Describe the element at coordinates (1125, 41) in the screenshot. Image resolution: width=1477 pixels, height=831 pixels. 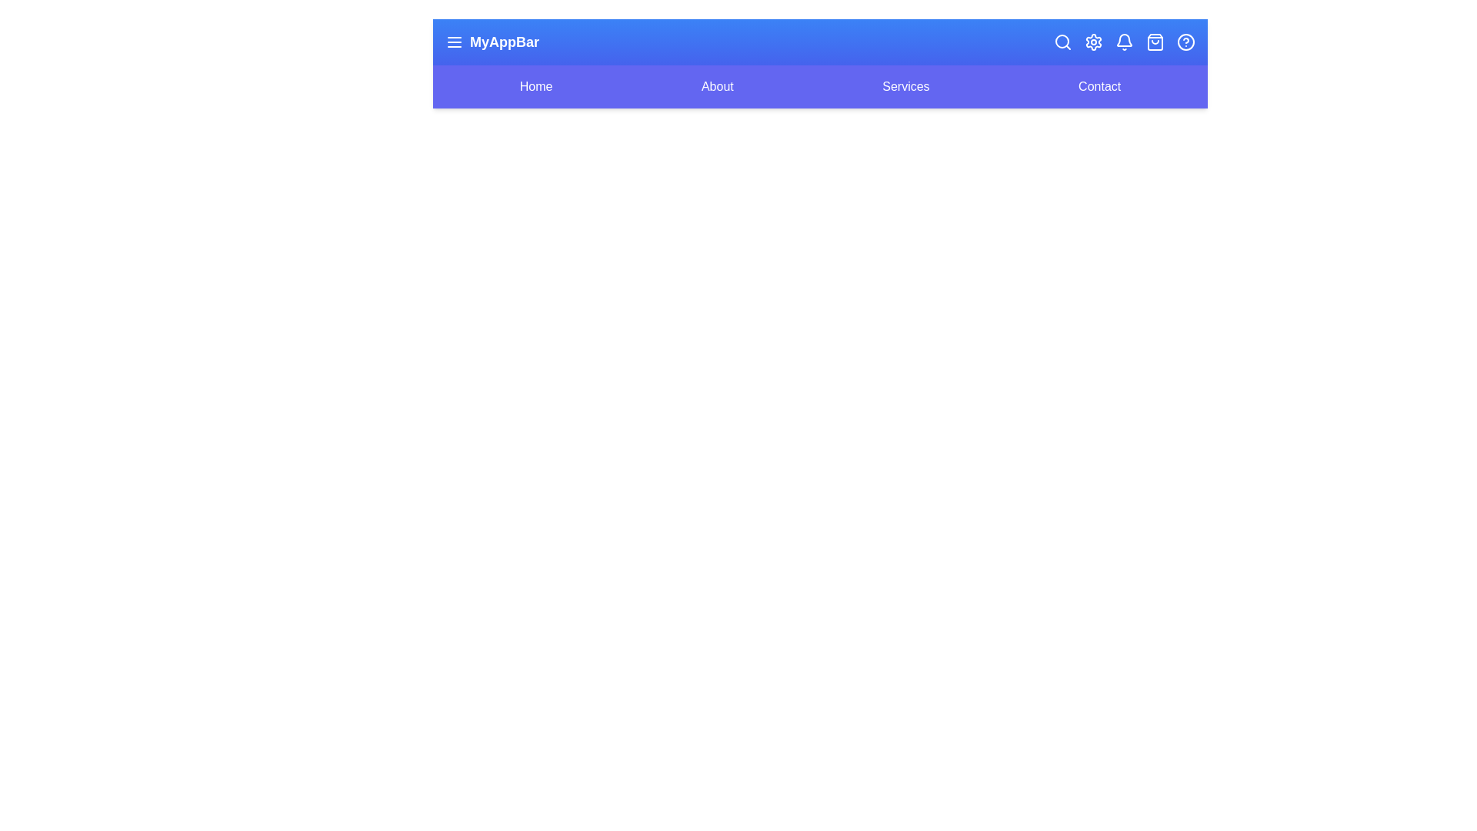
I see `the bell icon to perform its action` at that location.